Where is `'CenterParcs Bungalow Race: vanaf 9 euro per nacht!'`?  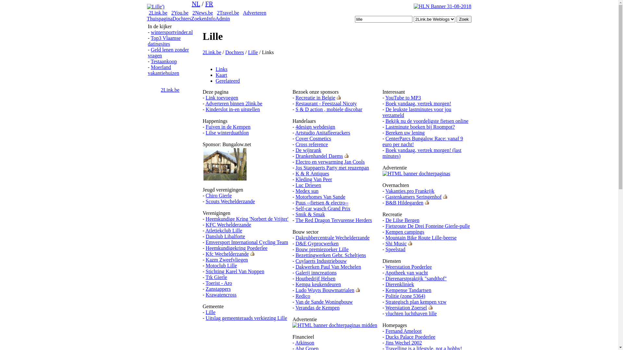 'CenterParcs Bungalow Race: vanaf 9 euro per nacht!' is located at coordinates (422, 141).